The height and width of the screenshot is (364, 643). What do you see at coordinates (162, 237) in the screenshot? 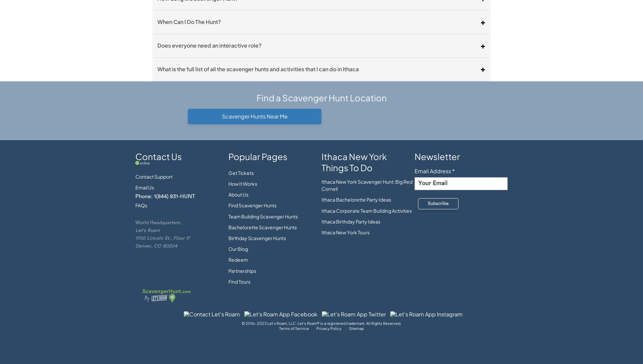
I see `'1700 Lincoln St., Floor 17'` at bounding box center [162, 237].